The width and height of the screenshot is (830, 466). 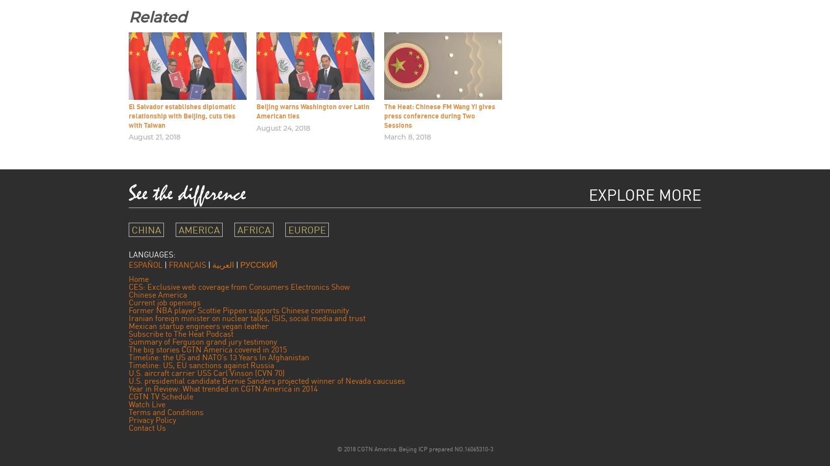 What do you see at coordinates (152, 254) in the screenshot?
I see `'LANGUAGES:'` at bounding box center [152, 254].